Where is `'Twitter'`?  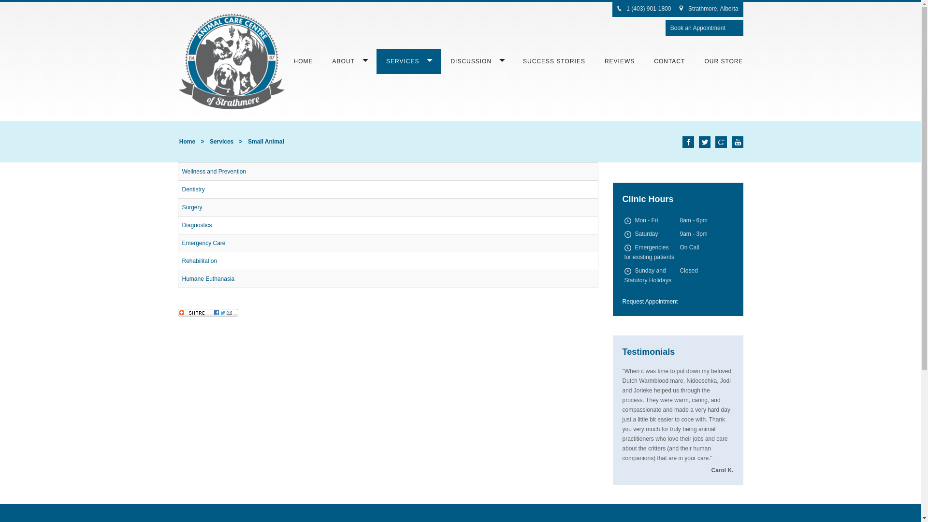
'Twitter' is located at coordinates (705, 142).